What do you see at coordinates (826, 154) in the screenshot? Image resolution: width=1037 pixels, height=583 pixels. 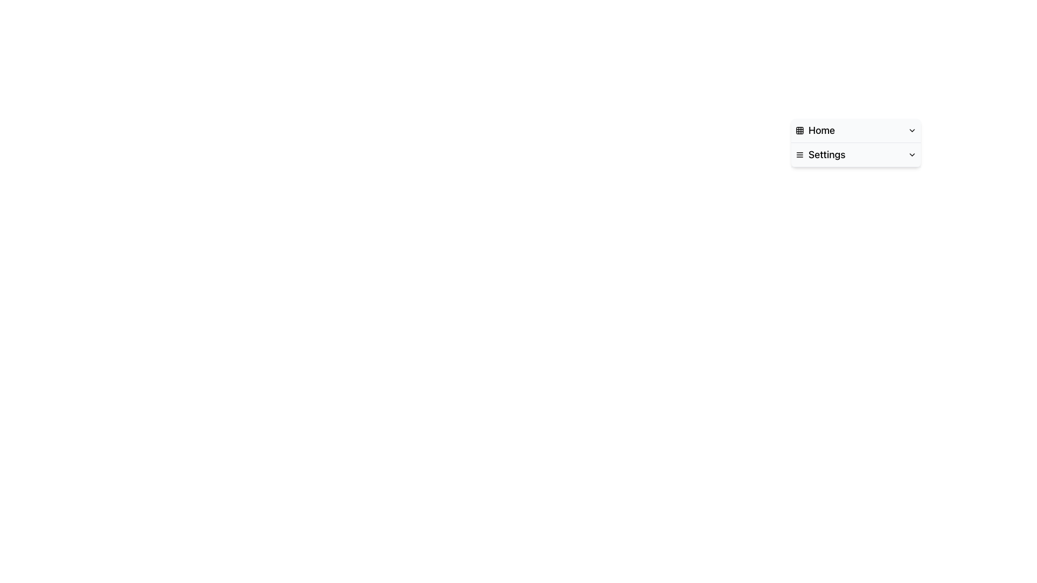 I see `the 'Settings' text label in the dropdown menu` at bounding box center [826, 154].